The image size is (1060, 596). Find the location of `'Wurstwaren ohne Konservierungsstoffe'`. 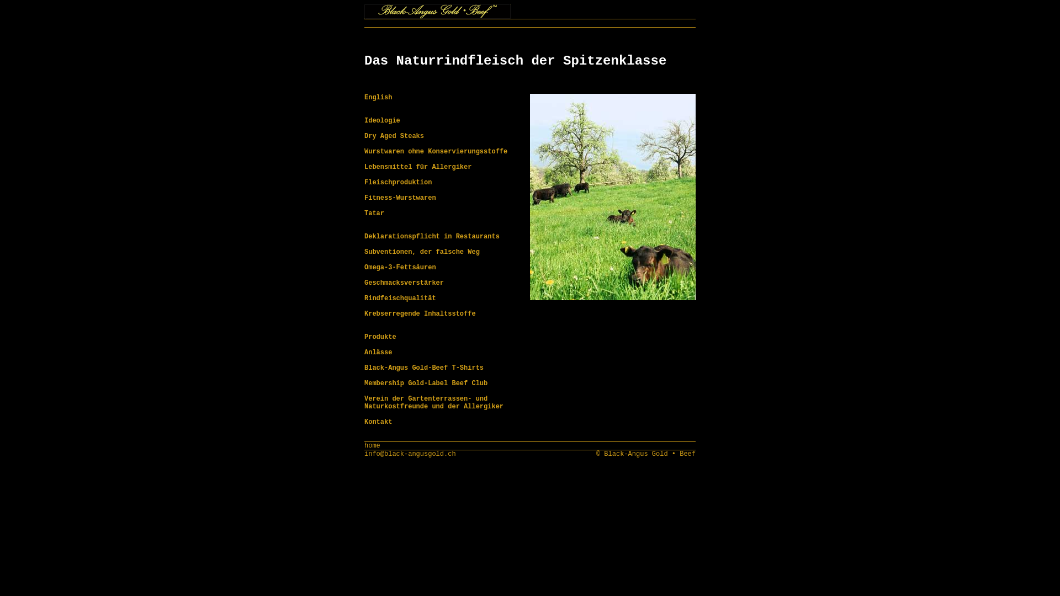

'Wurstwaren ohne Konservierungsstoffe' is located at coordinates (435, 151).